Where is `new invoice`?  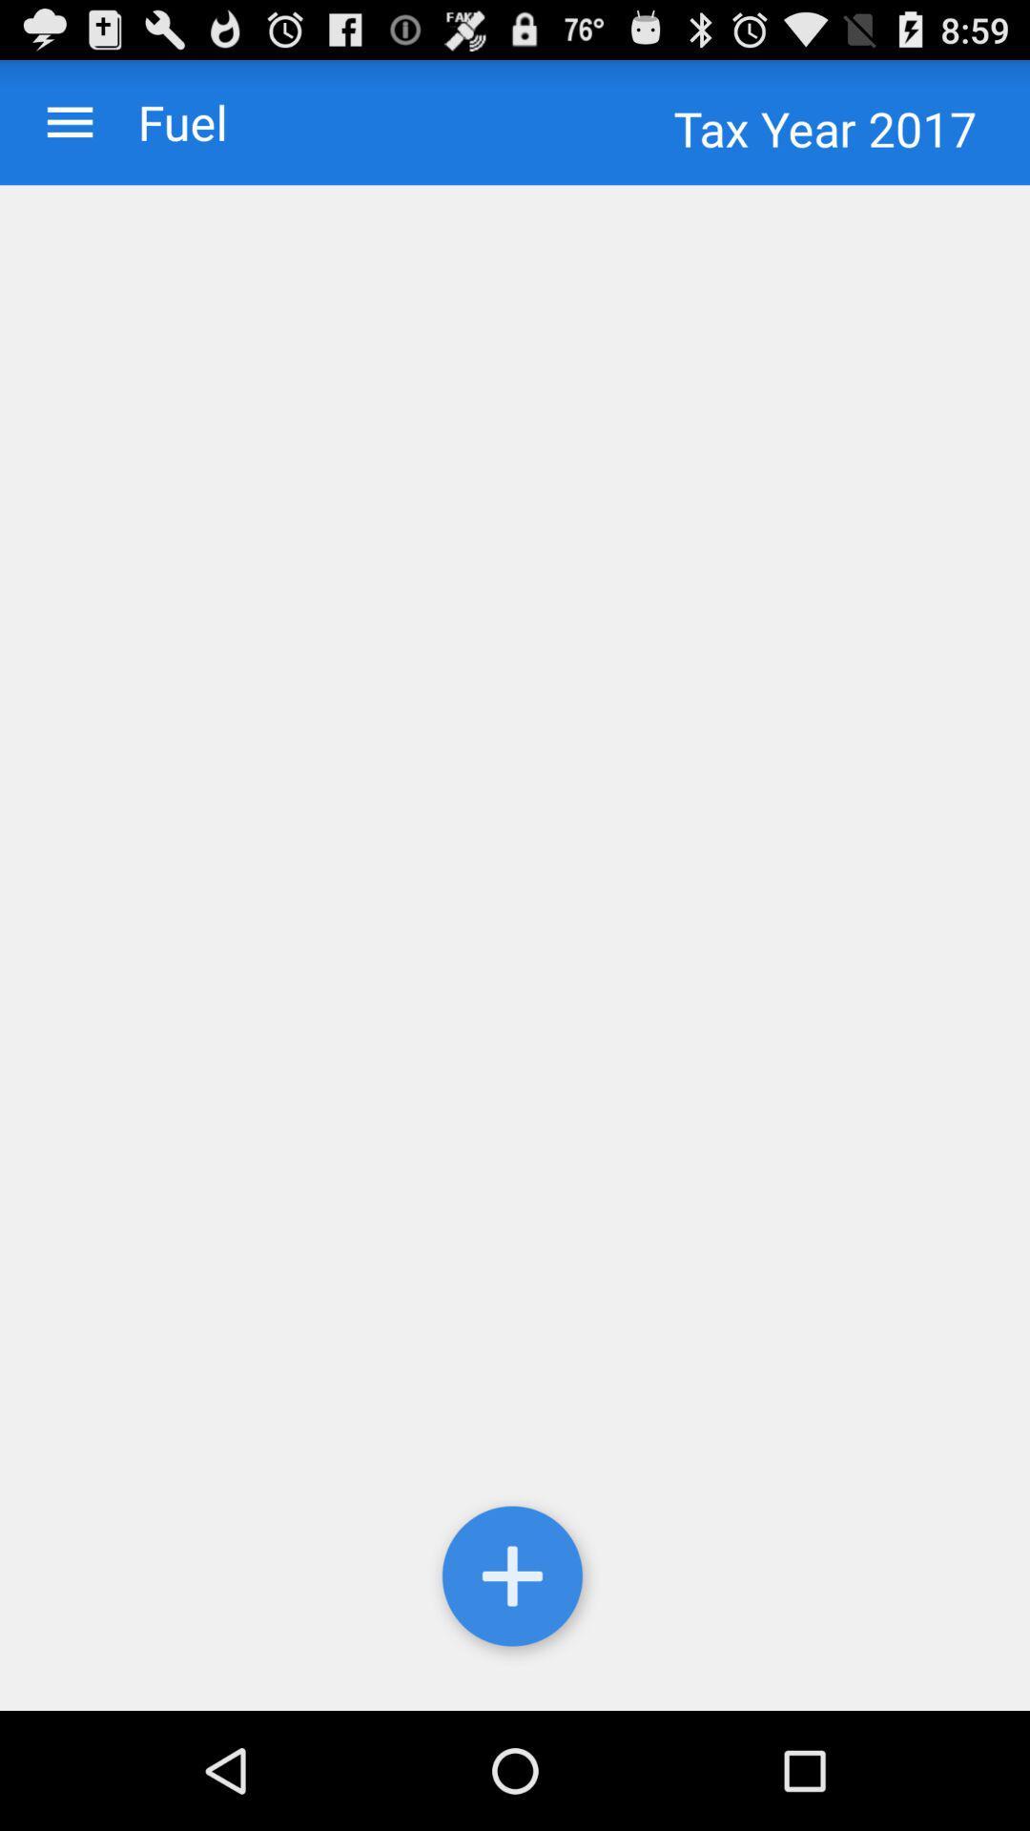 new invoice is located at coordinates (515, 1580).